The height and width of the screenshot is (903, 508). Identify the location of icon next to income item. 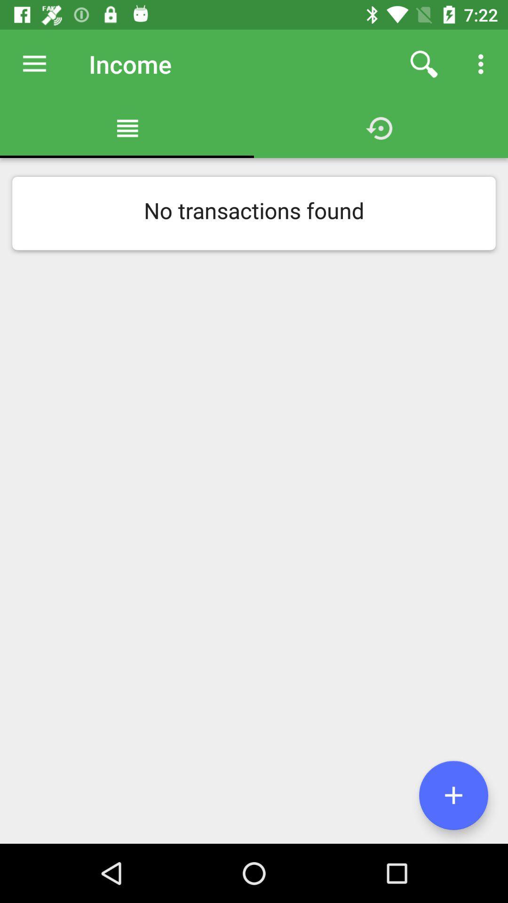
(424, 63).